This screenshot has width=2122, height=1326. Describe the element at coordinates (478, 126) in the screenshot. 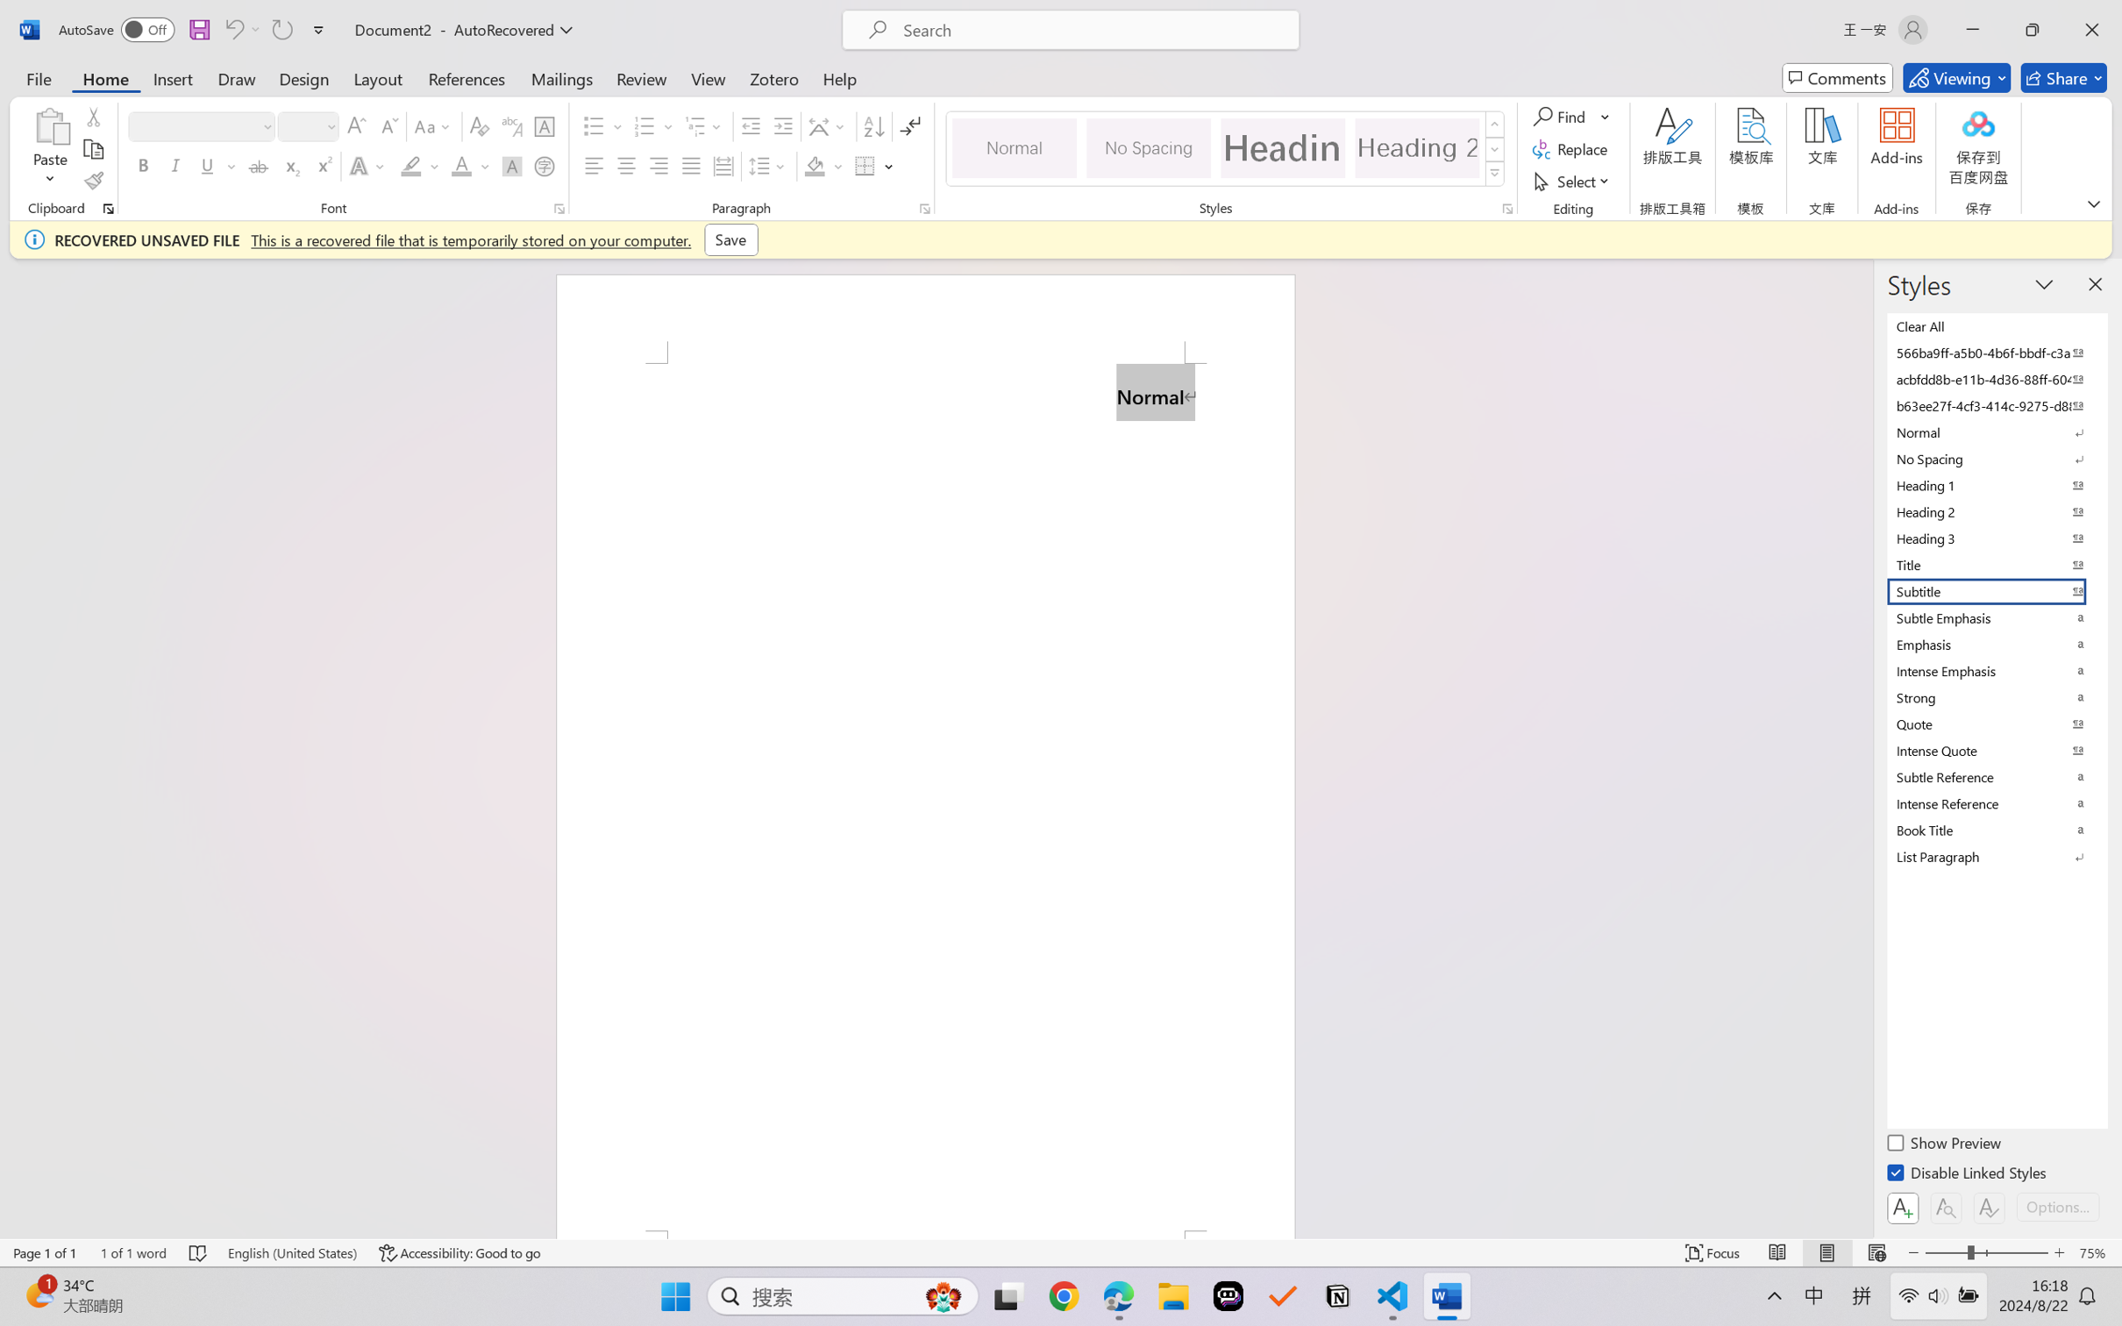

I see `'Clear Formatting'` at that location.